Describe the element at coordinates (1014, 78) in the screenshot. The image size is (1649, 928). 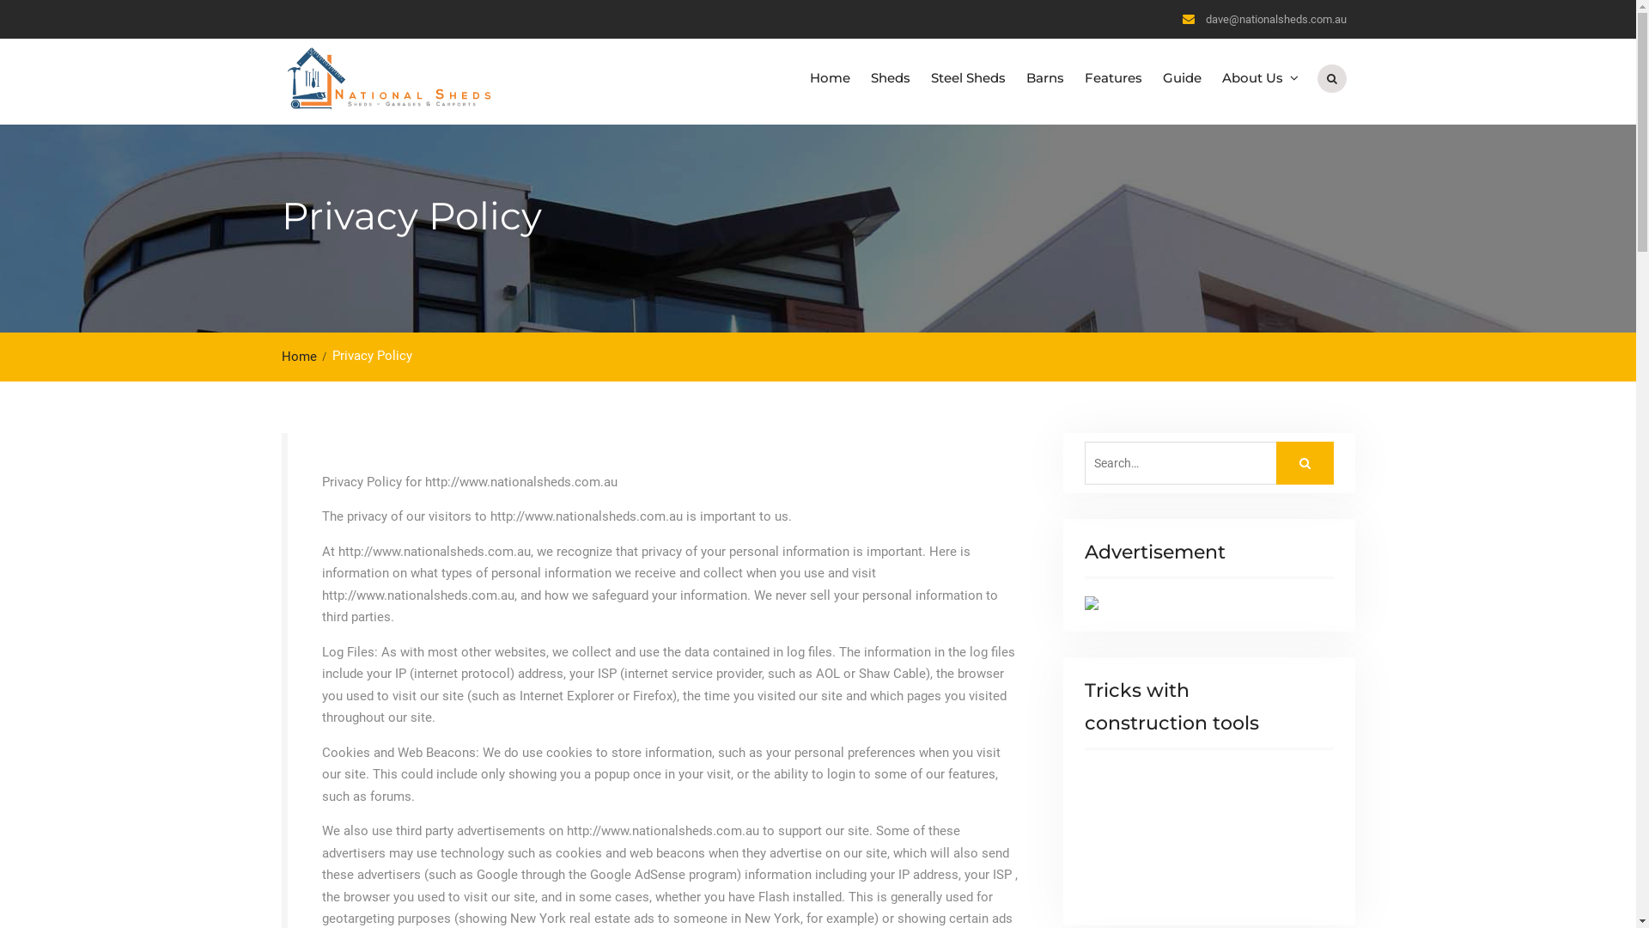
I see `'Barns'` at that location.